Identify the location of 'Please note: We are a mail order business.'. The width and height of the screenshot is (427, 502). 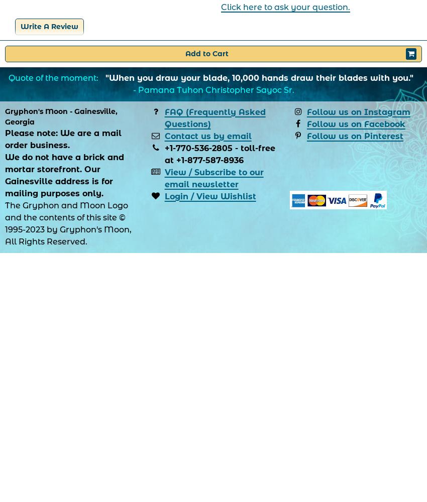
(5, 139).